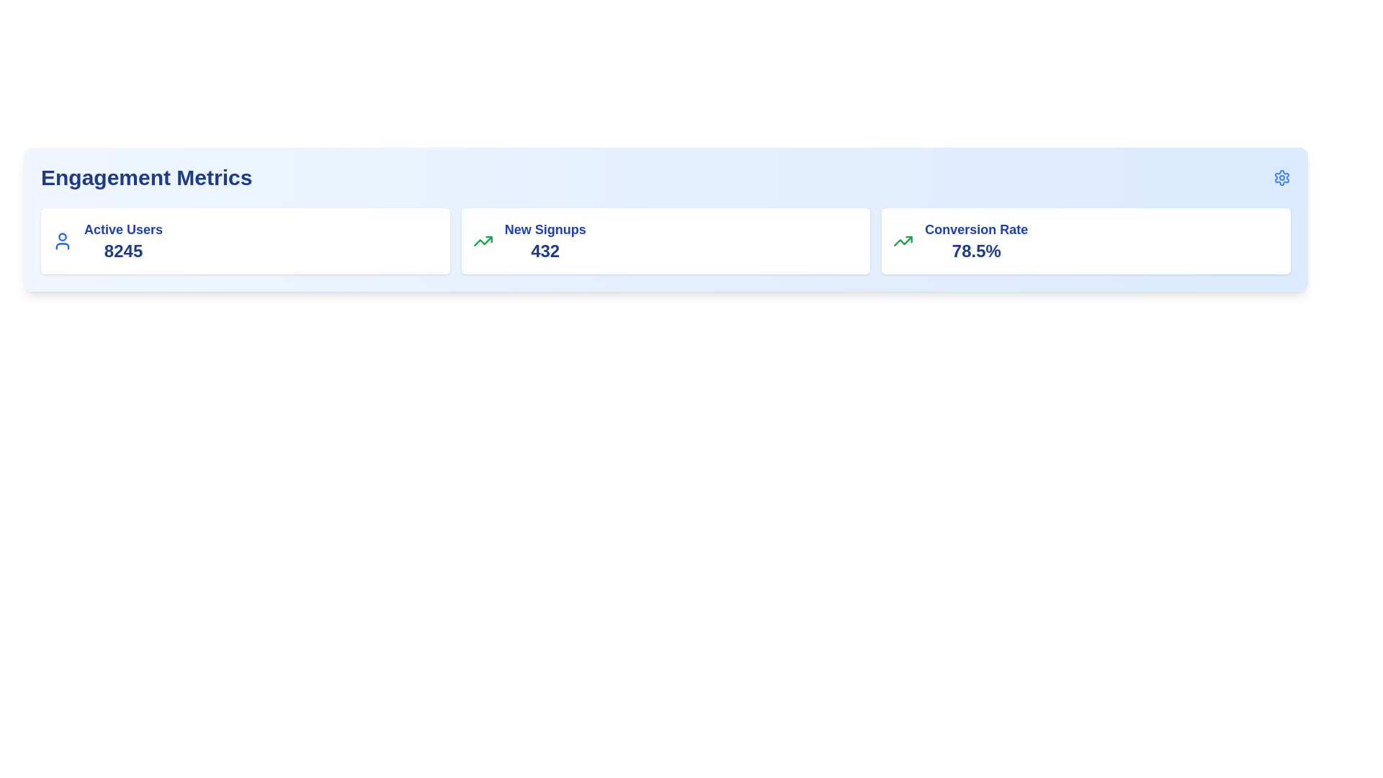  What do you see at coordinates (61, 236) in the screenshot?
I see `the small circle that represents the user's head within the user profile icon, located at the top-left corner of the 'Active Users' card in the metrics section` at bounding box center [61, 236].